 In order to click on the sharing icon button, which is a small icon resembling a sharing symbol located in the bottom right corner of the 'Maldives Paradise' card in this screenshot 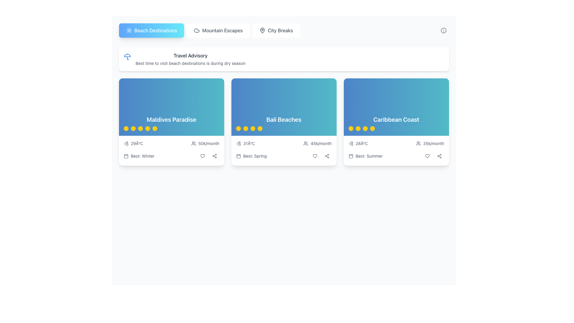, I will do `click(214, 156)`.